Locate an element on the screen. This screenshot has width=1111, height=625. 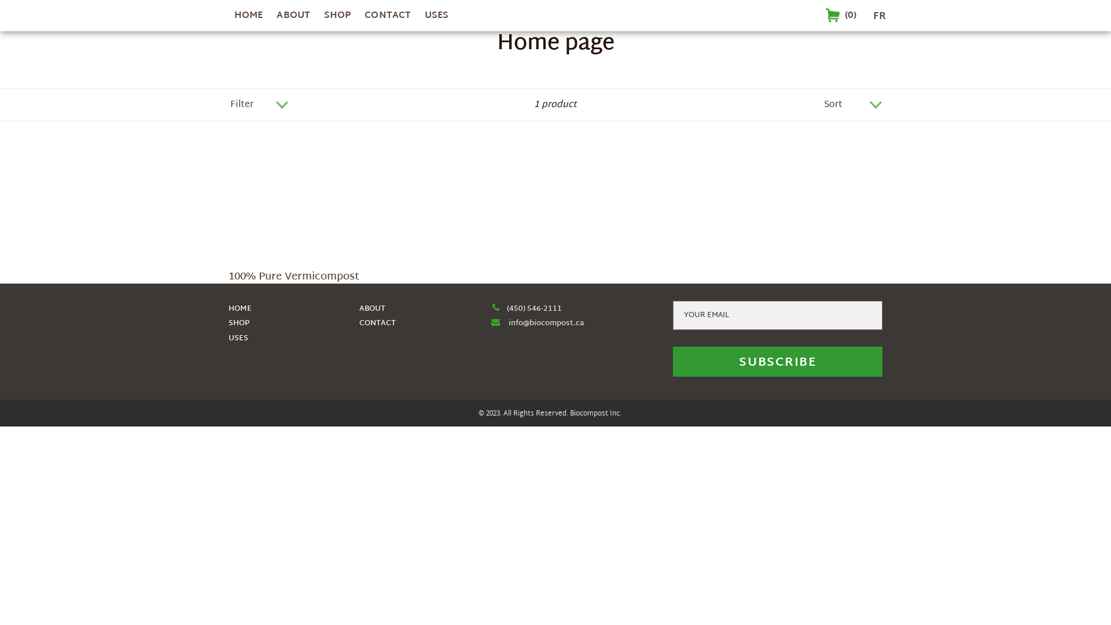
'CONTACT' is located at coordinates (377, 323).